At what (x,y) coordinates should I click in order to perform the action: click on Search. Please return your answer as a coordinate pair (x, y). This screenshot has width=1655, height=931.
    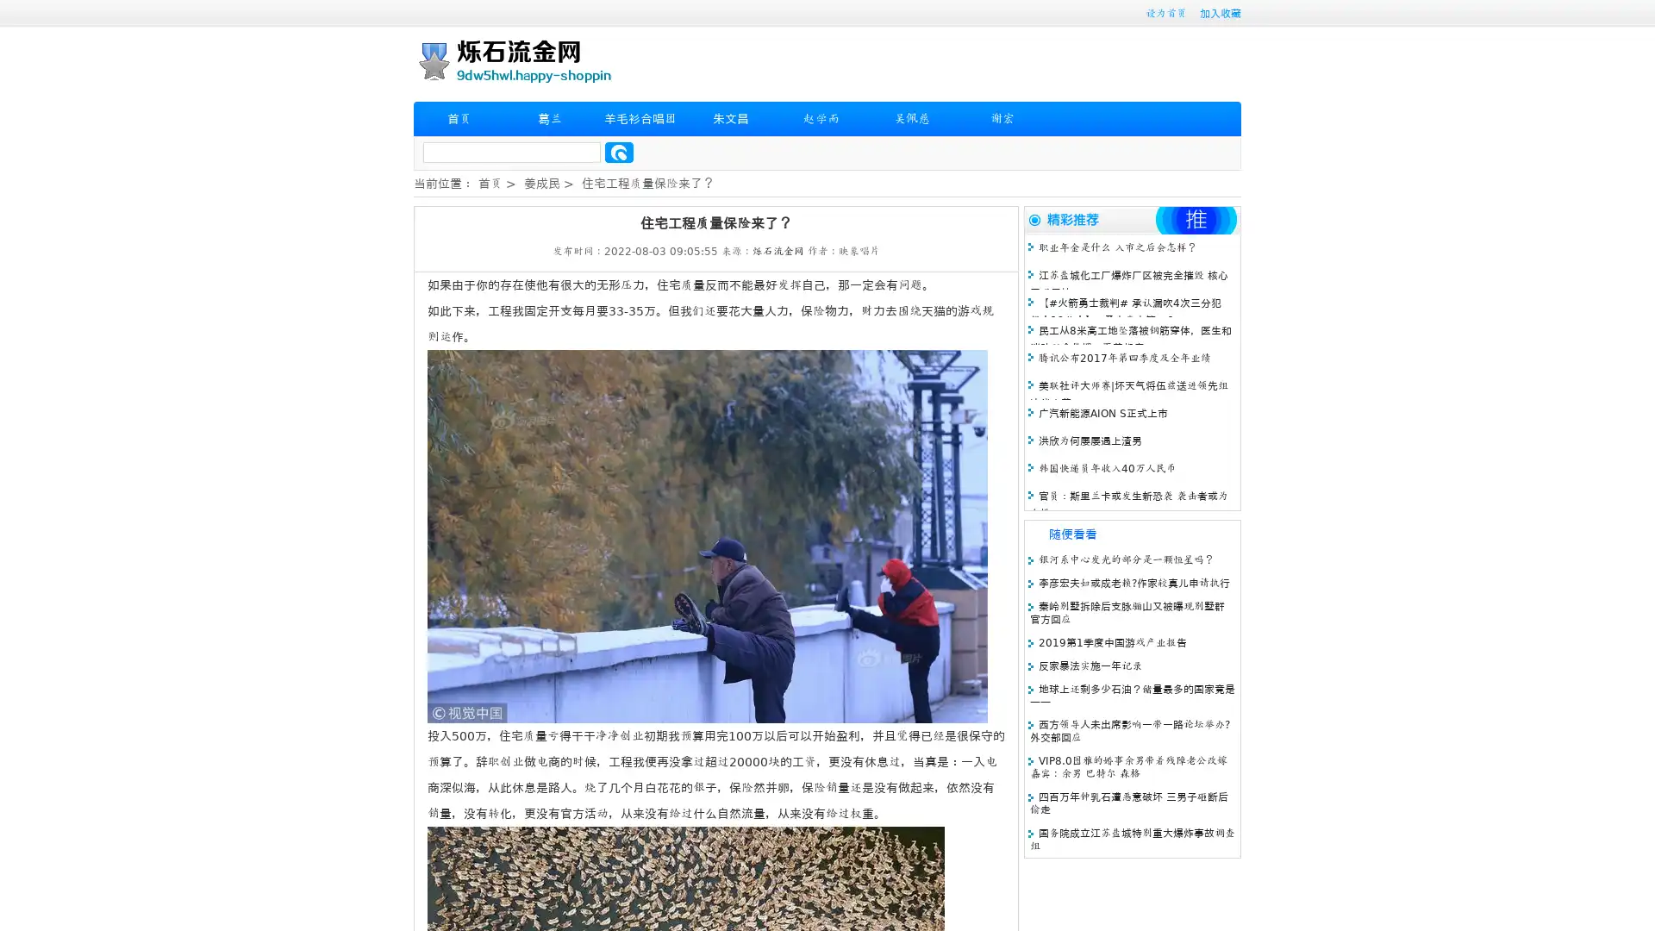
    Looking at the image, I should click on (619, 152).